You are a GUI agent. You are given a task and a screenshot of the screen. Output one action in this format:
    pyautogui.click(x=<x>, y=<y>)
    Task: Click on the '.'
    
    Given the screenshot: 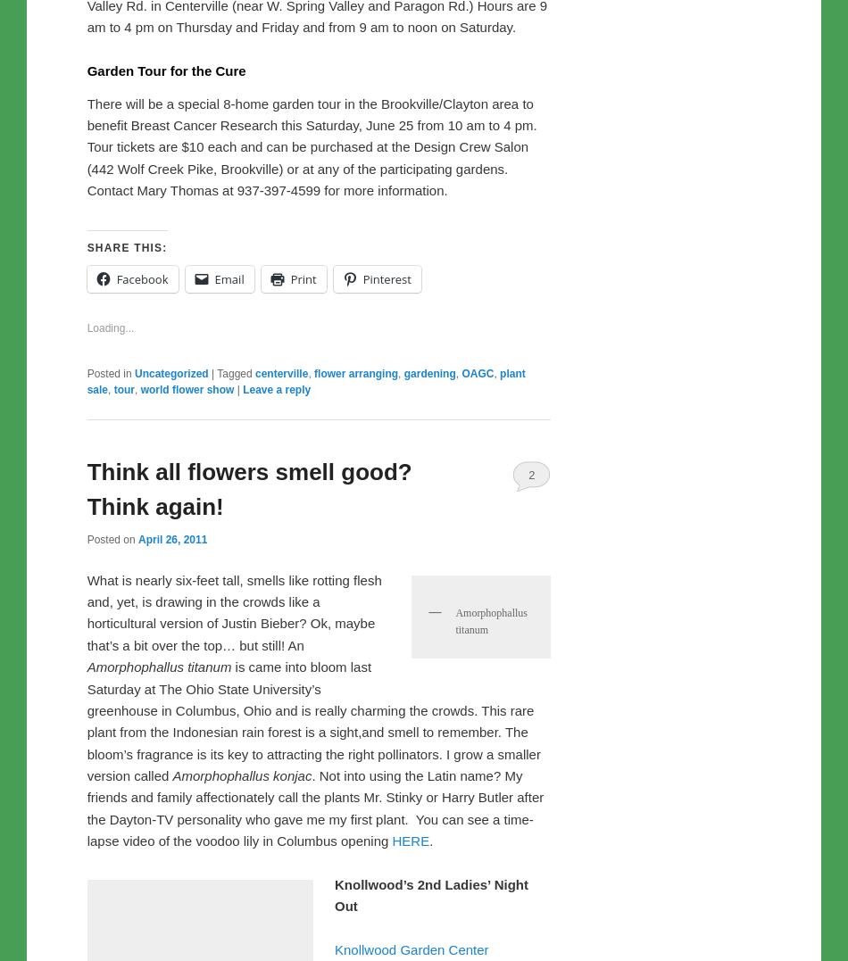 What is the action you would take?
    pyautogui.click(x=125, y=89)
    